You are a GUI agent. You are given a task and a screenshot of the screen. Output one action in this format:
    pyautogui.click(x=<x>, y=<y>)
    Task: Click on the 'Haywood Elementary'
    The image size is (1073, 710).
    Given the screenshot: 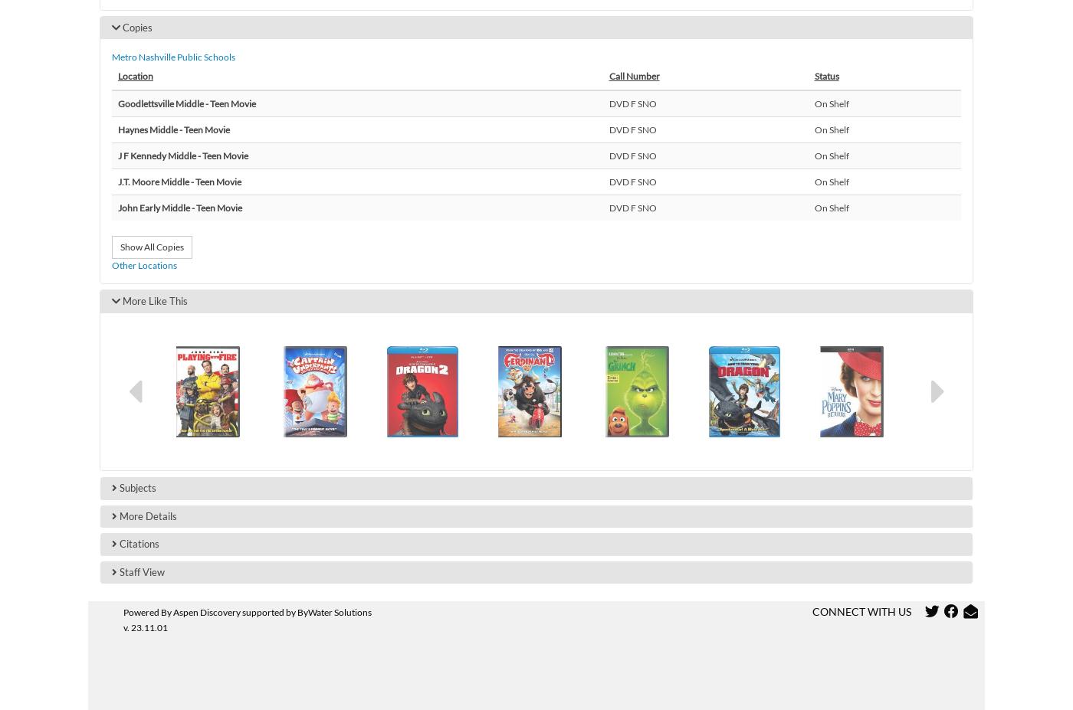 What is the action you would take?
    pyautogui.click(x=208, y=362)
    